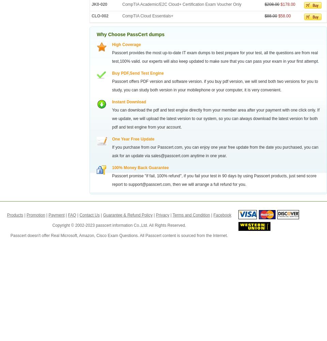 The width and height of the screenshot is (327, 341). What do you see at coordinates (208, 184) in the screenshot?
I see `', then we will arrange a full refund for you.'` at bounding box center [208, 184].